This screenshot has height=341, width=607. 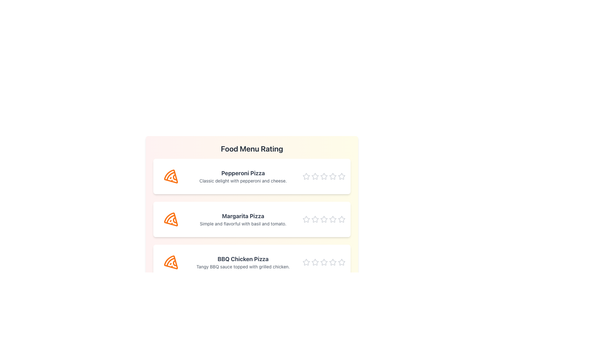 What do you see at coordinates (315, 262) in the screenshot?
I see `the second unfilled star icon in the rating section of the BBQ Chicken Pizza row to observe its scaling effect` at bounding box center [315, 262].